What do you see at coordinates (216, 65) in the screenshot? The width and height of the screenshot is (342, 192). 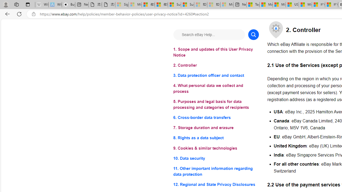 I see `'2. Controller'` at bounding box center [216, 65].